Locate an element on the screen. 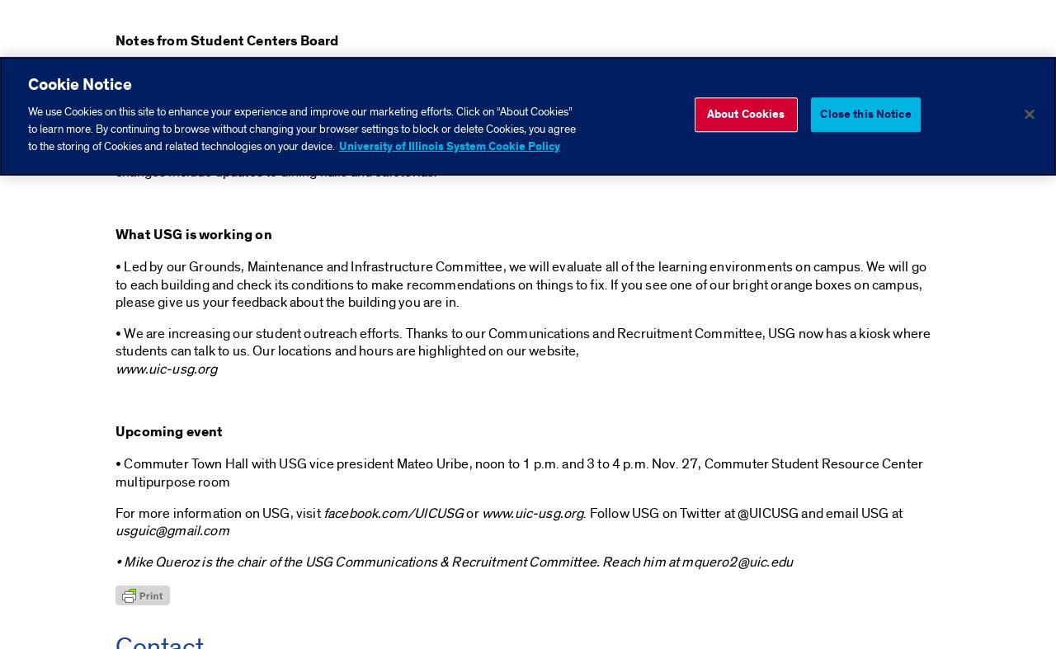 This screenshot has height=649, width=1056. '• Expect to see new furniture and new paint in the Pier Room in Student Center East this spring.' is located at coordinates (115, 122).